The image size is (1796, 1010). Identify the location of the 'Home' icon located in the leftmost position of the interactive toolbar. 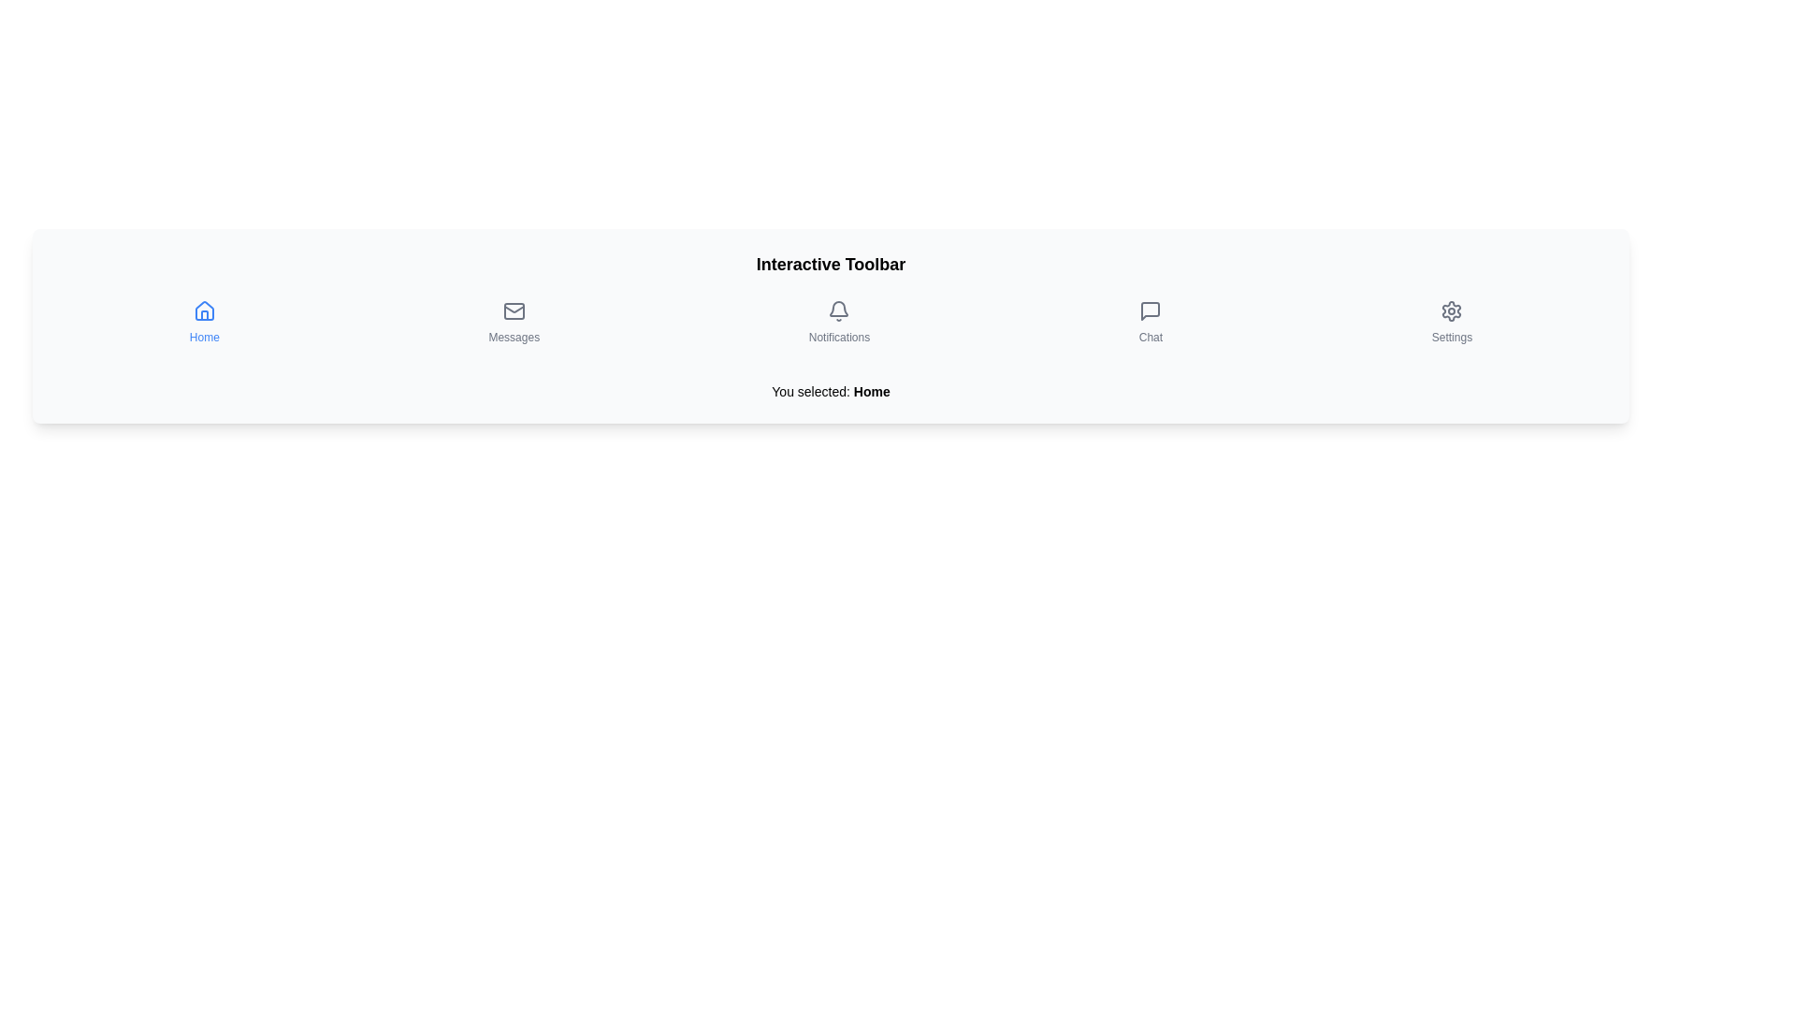
(204, 310).